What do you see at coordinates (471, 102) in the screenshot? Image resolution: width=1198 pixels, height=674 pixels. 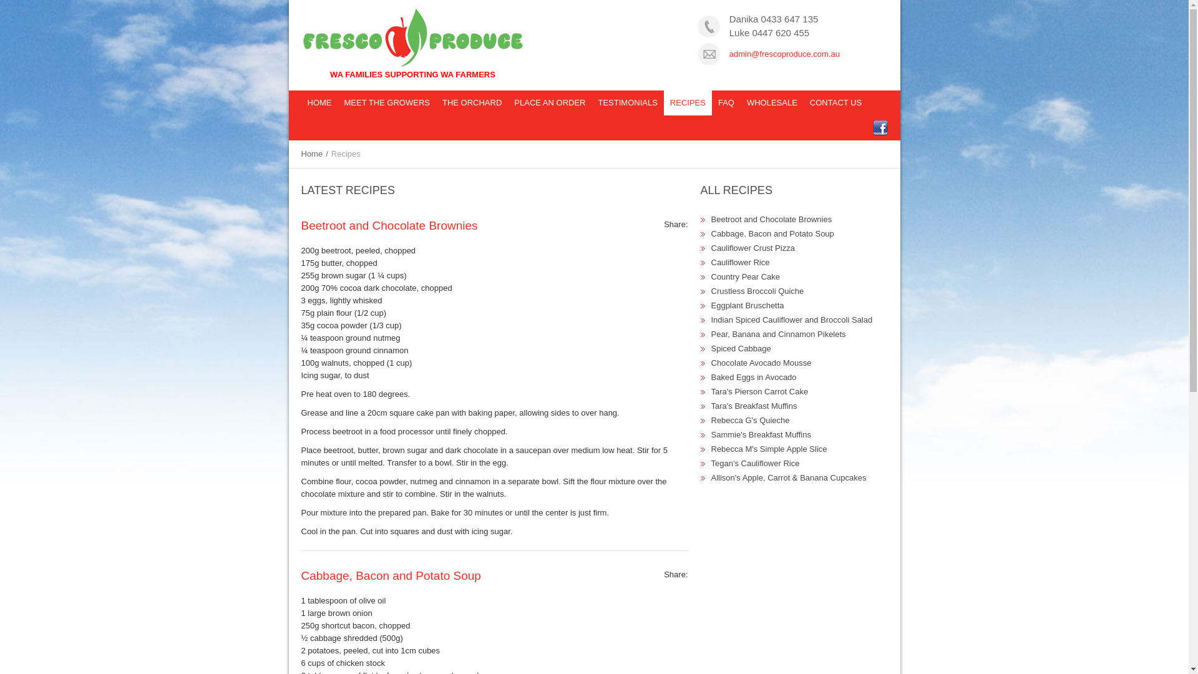 I see `'THE ORCHARD'` at bounding box center [471, 102].